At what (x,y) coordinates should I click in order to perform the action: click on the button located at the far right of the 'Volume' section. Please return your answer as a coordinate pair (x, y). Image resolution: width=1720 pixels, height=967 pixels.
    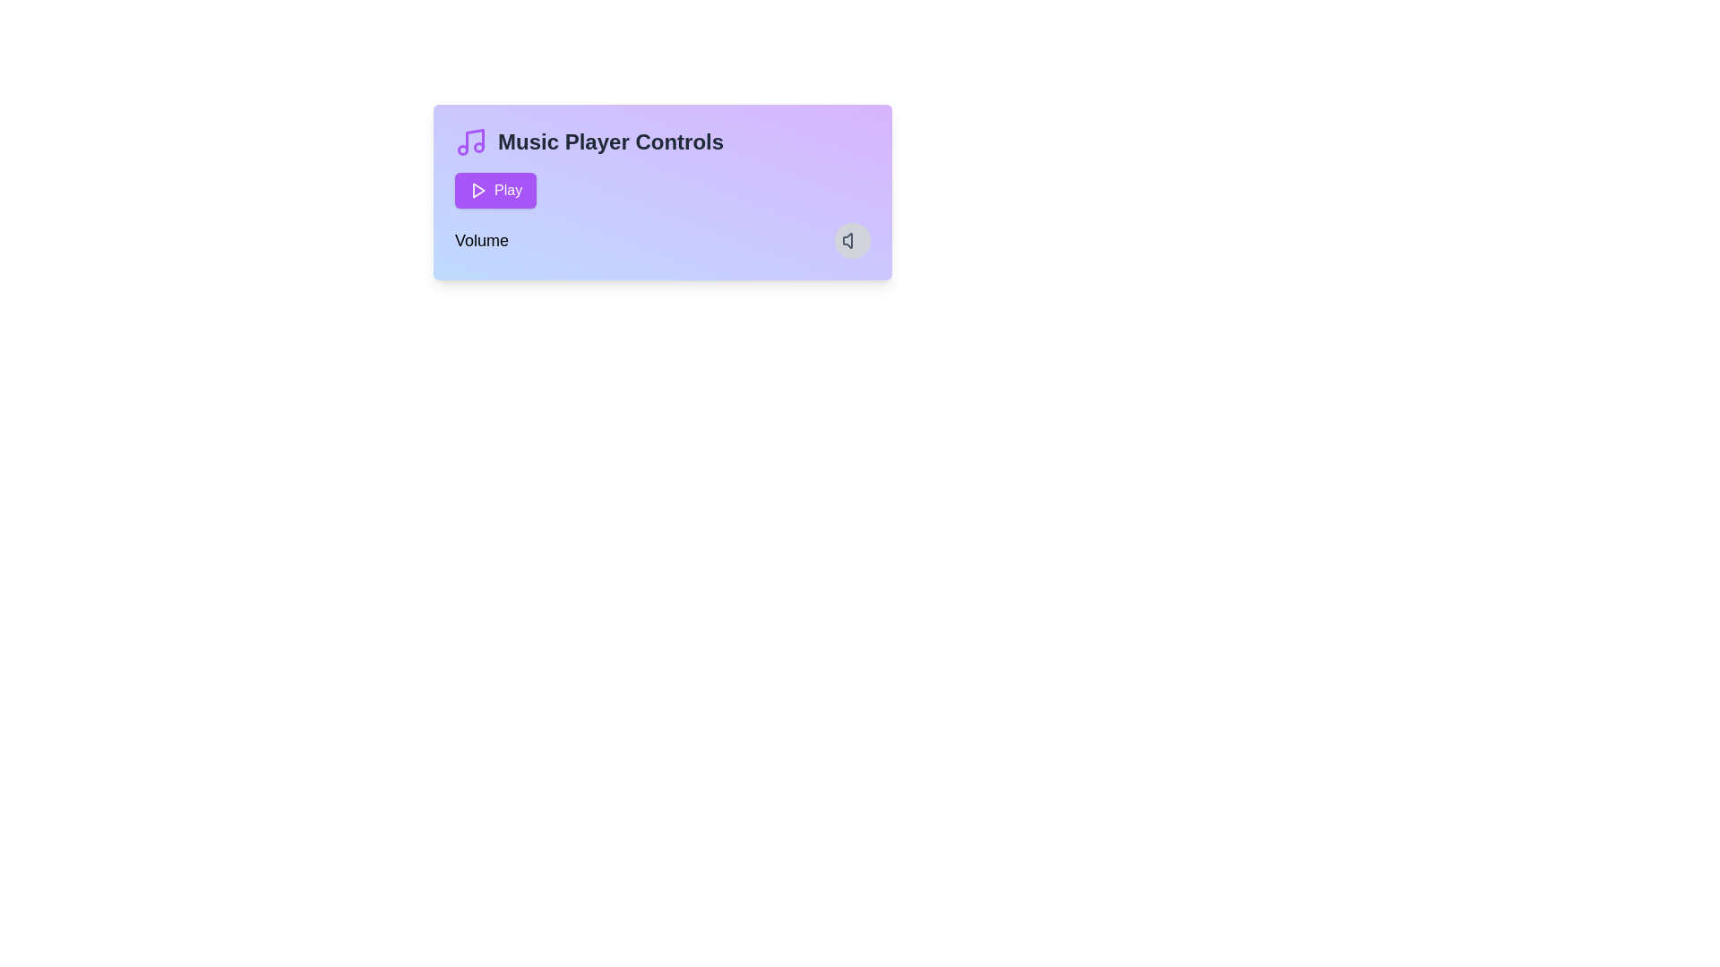
    Looking at the image, I should click on (851, 240).